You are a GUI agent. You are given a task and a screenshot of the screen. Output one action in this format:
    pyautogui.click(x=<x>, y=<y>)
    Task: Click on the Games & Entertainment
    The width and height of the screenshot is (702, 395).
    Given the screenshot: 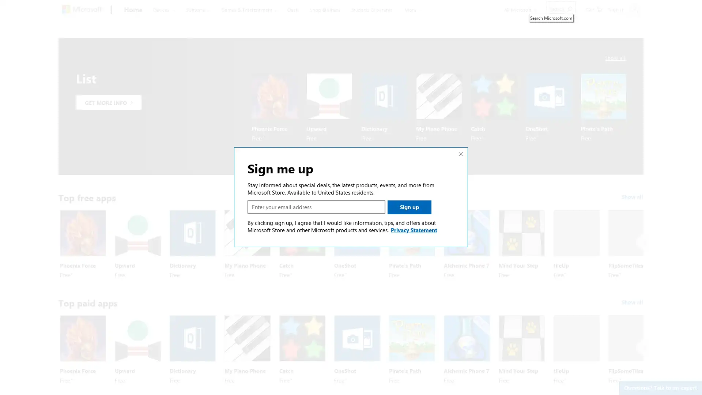 What is the action you would take?
    pyautogui.click(x=246, y=10)
    